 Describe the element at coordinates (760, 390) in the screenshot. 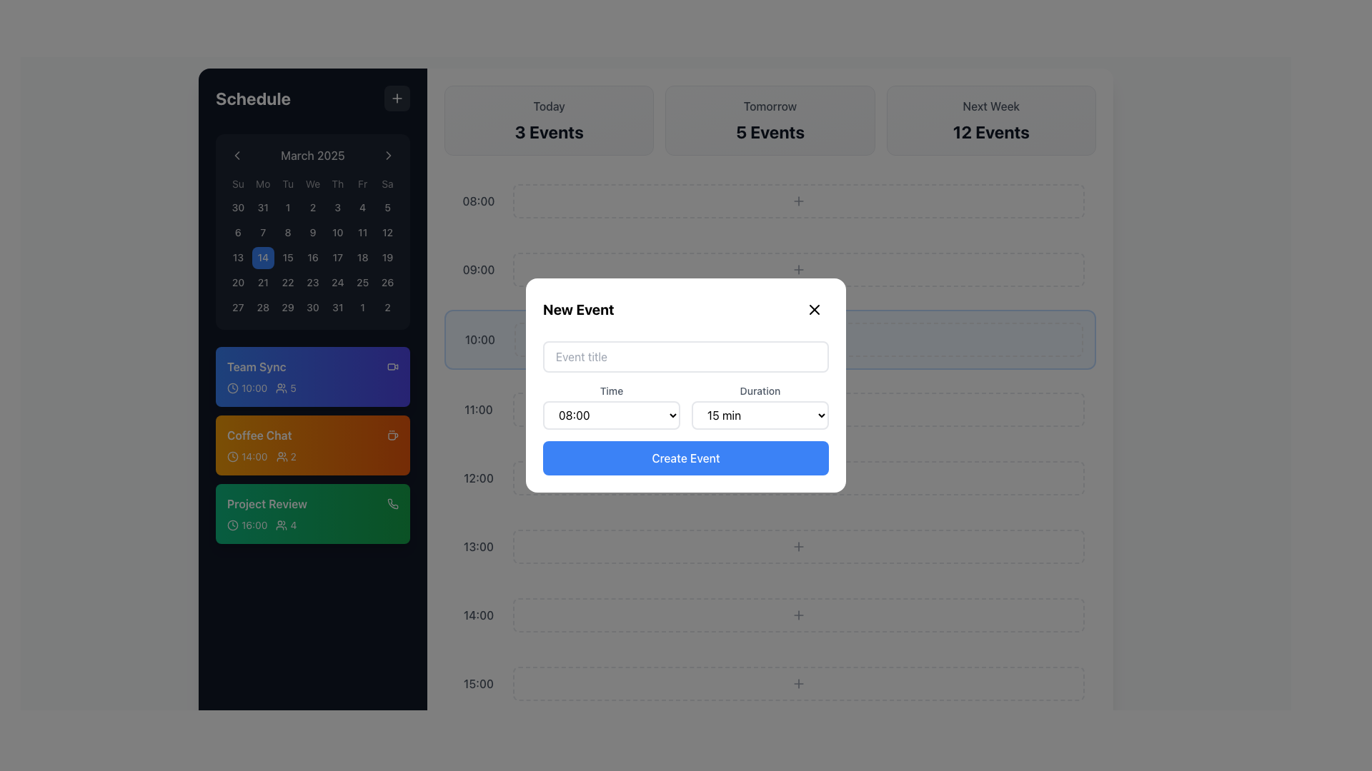

I see `the text label indicating the duration selection for the dropdown menu in the 'New Event' dialog box` at that location.